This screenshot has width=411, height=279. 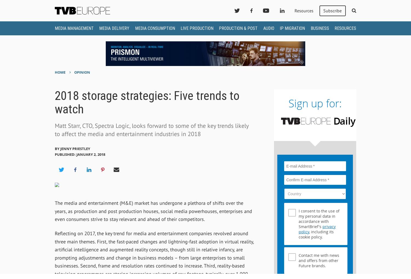 What do you see at coordinates (54, 102) in the screenshot?
I see `'2018 storage strategies: Five trends to watch'` at bounding box center [54, 102].